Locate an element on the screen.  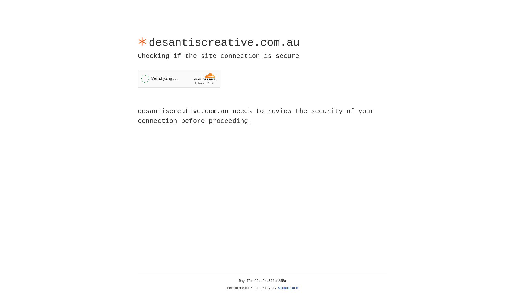
'Cloudflare' is located at coordinates (288, 288).